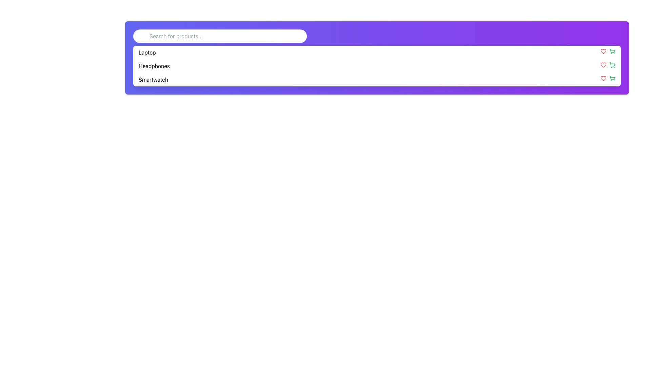 The image size is (651, 366). What do you see at coordinates (604, 78) in the screenshot?
I see `the leftmost icon in the action column of the 'Smartwatch' entry` at bounding box center [604, 78].